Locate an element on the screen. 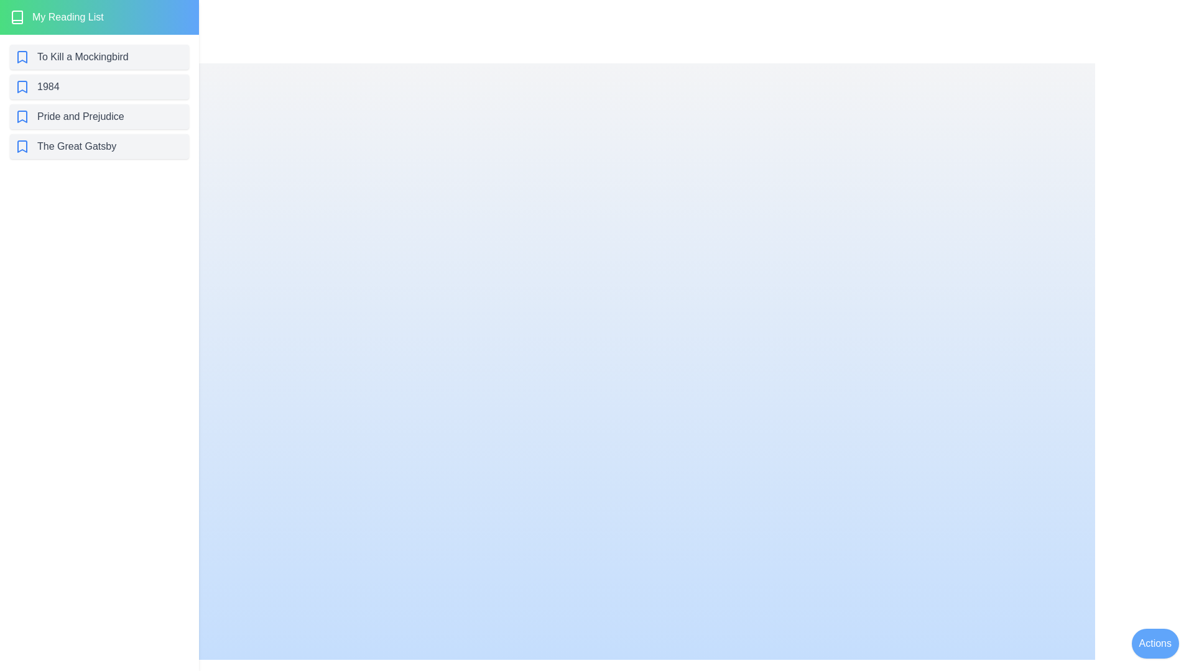 This screenshot has height=671, width=1194. the header area of the ReadingListDrawer component is located at coordinates (98, 17).